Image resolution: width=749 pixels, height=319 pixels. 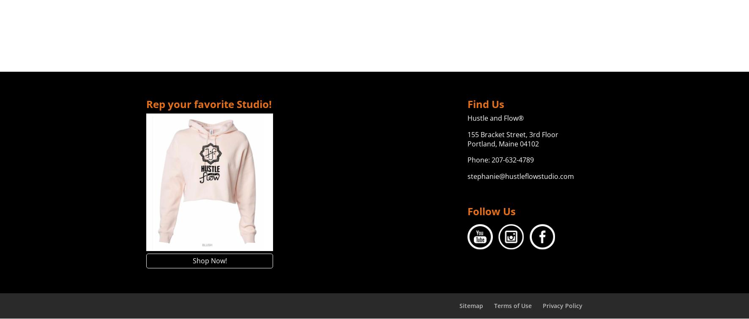 What do you see at coordinates (478, 159) in the screenshot?
I see `'Phone:'` at bounding box center [478, 159].